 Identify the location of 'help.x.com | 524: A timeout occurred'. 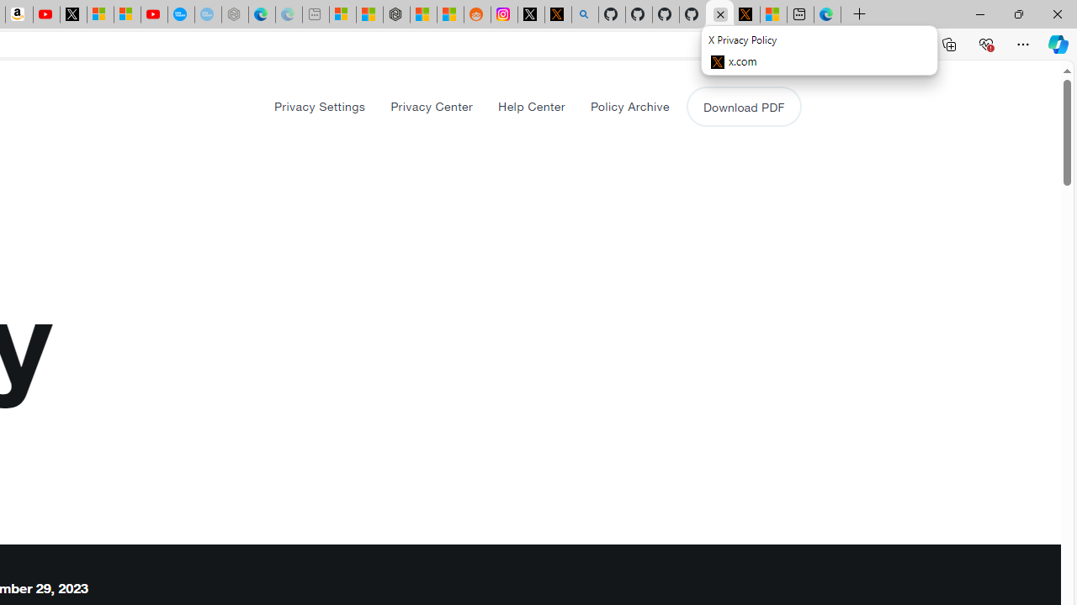
(558, 14).